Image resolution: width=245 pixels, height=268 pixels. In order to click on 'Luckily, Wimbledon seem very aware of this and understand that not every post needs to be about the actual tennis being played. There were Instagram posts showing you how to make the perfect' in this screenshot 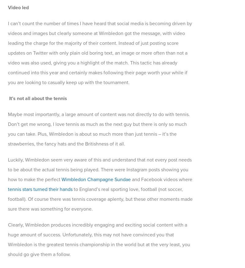, I will do `click(8, 169)`.